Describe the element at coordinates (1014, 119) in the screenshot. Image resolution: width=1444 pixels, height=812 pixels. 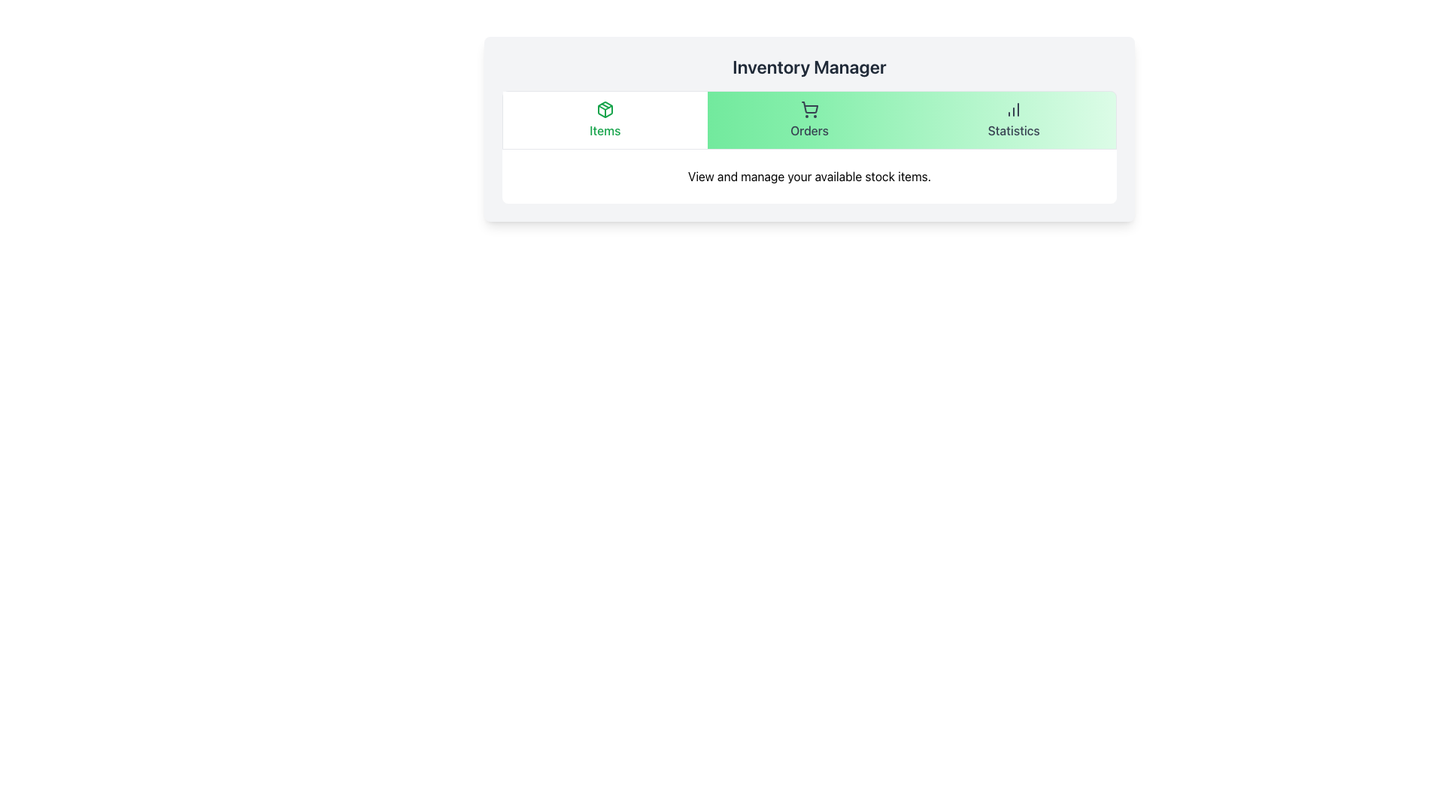
I see `the 'Statistics' button, which features a bar chart icon and is located in the central navigation bar of the 'Inventory Manager' section` at that location.